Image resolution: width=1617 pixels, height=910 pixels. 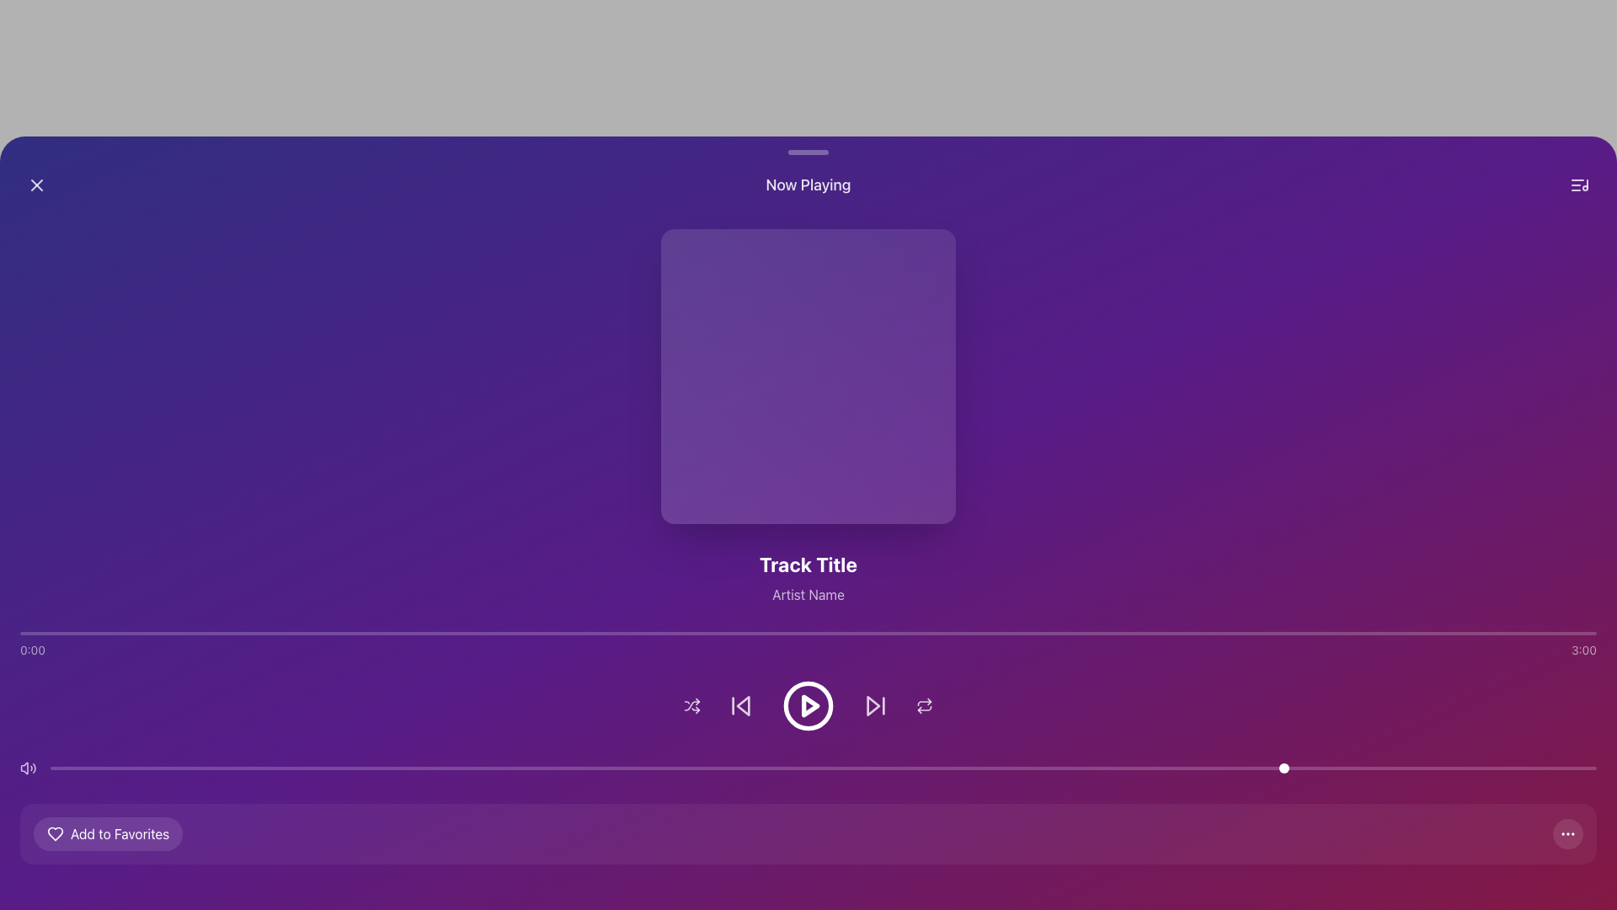 What do you see at coordinates (808, 593) in the screenshot?
I see `the 'Artist Name' text label, which is displayed in a semi-transparent white font below the 'Track Title' text in the music player interface` at bounding box center [808, 593].